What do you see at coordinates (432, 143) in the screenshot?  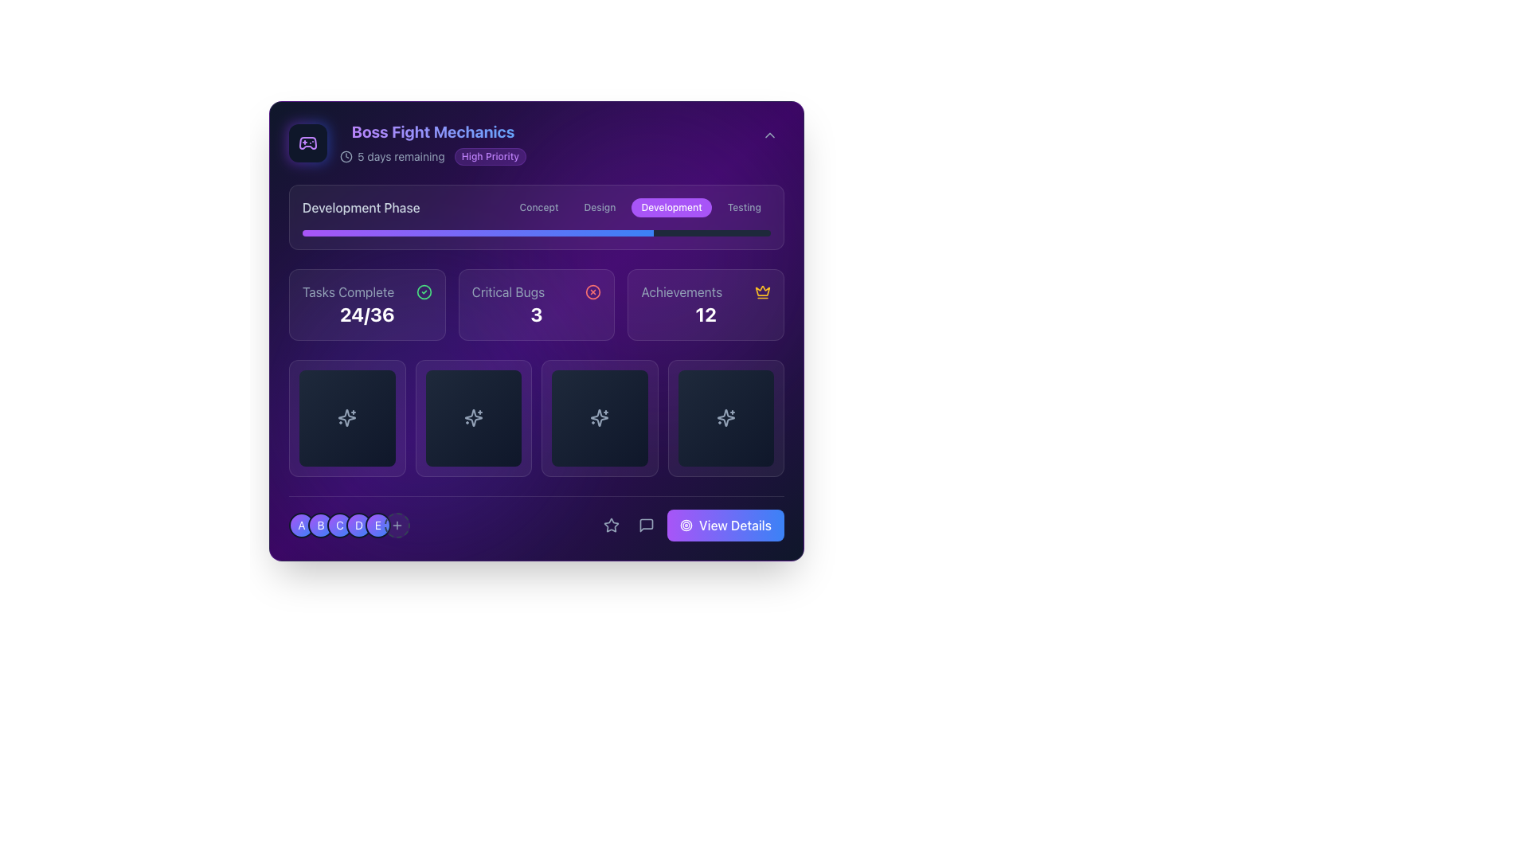 I see `the Information Display Block titled 'Boss Fight Mechanics'` at bounding box center [432, 143].